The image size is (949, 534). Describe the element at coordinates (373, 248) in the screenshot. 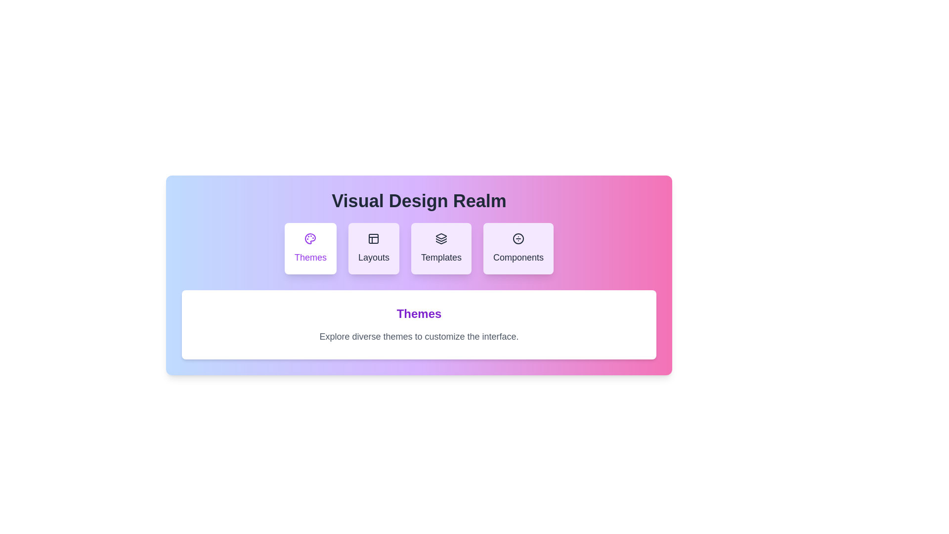

I see `the Layouts tab to change the active feature` at that location.